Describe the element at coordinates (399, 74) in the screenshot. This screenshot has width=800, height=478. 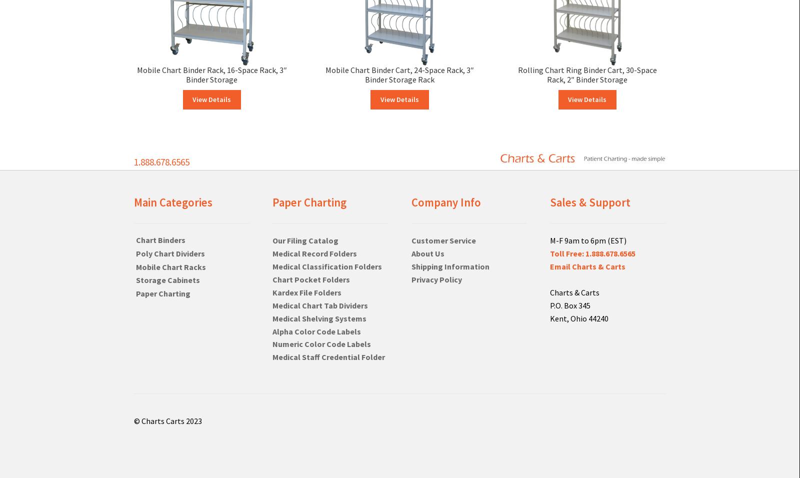
I see `'Mobile Chart Binder Cart, 24-Space Rack, 3″ Binder Storage Rack'` at that location.